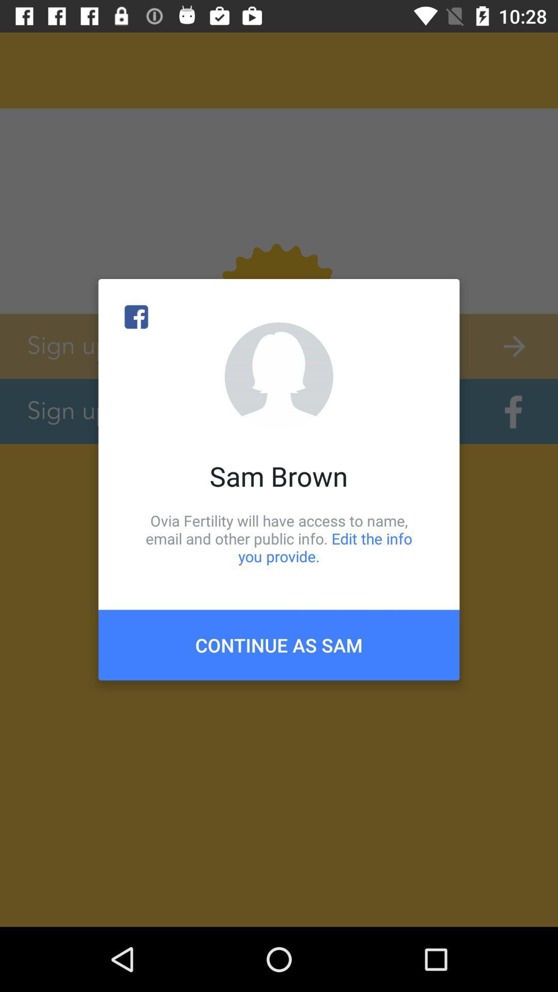 Image resolution: width=558 pixels, height=992 pixels. What do you see at coordinates (279, 644) in the screenshot?
I see `icon below the ovia fertility will item` at bounding box center [279, 644].